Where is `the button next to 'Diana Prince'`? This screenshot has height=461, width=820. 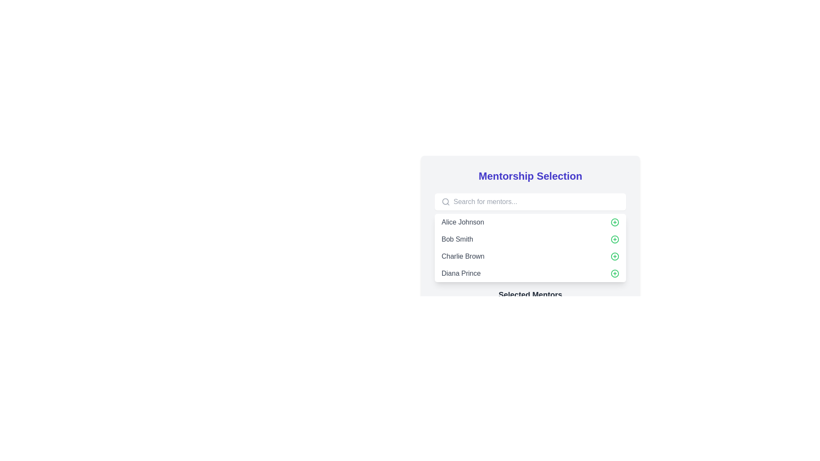 the button next to 'Diana Prince' is located at coordinates (615, 239).